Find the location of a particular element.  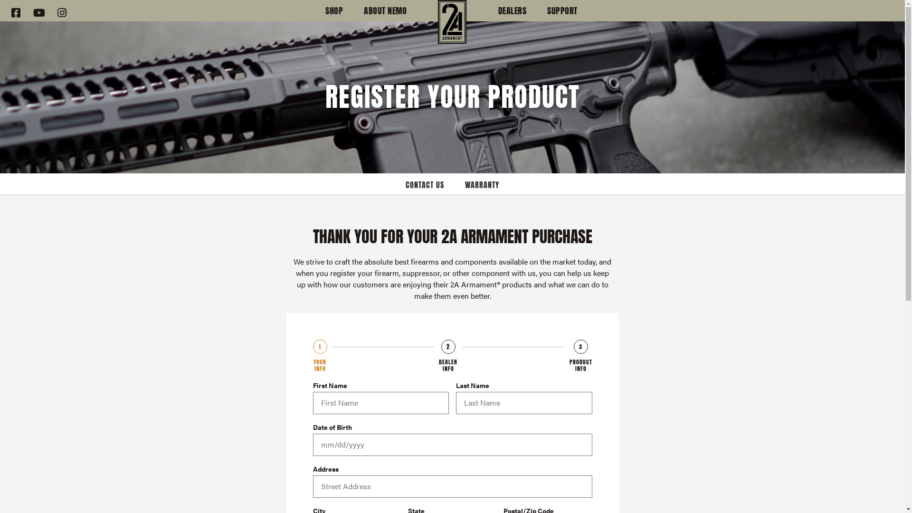

'CONTACT US' is located at coordinates (399, 185).